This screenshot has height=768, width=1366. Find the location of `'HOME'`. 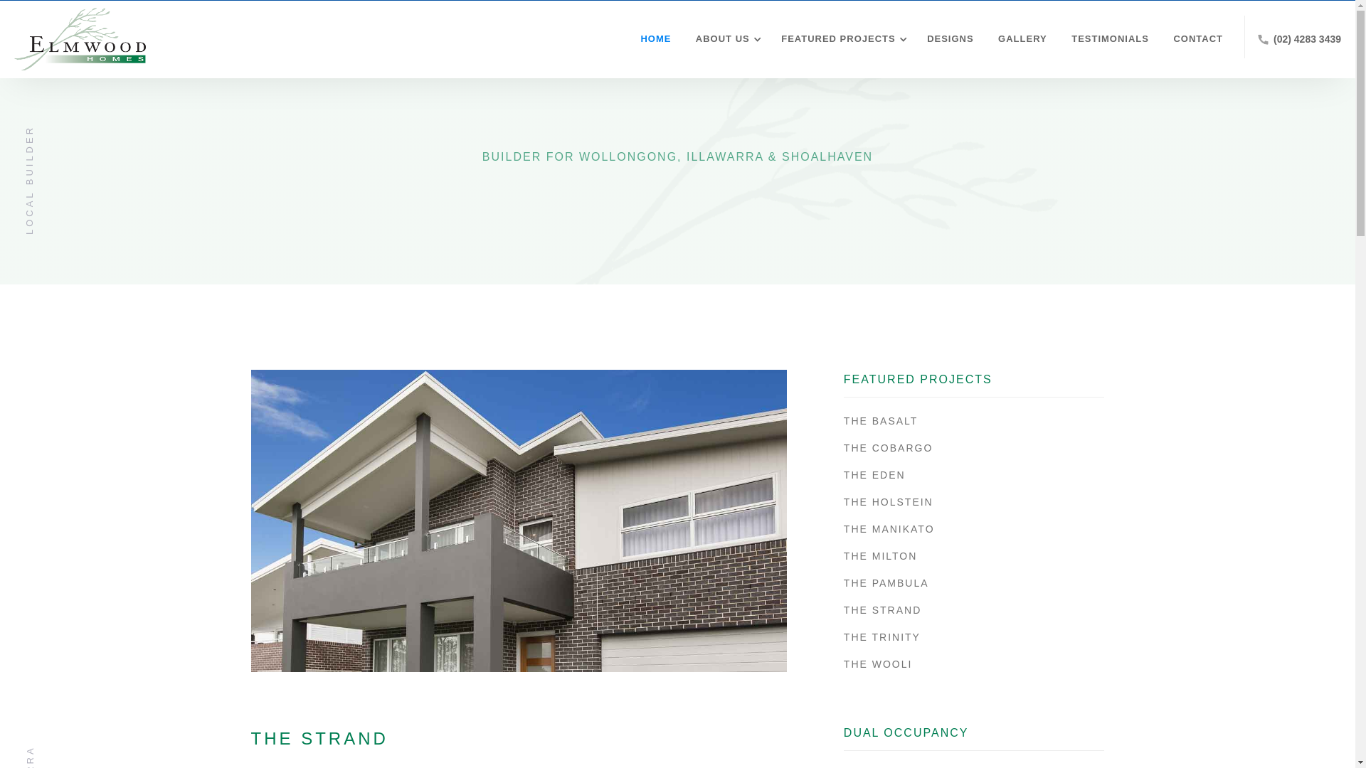

'HOME' is located at coordinates (625, 38).